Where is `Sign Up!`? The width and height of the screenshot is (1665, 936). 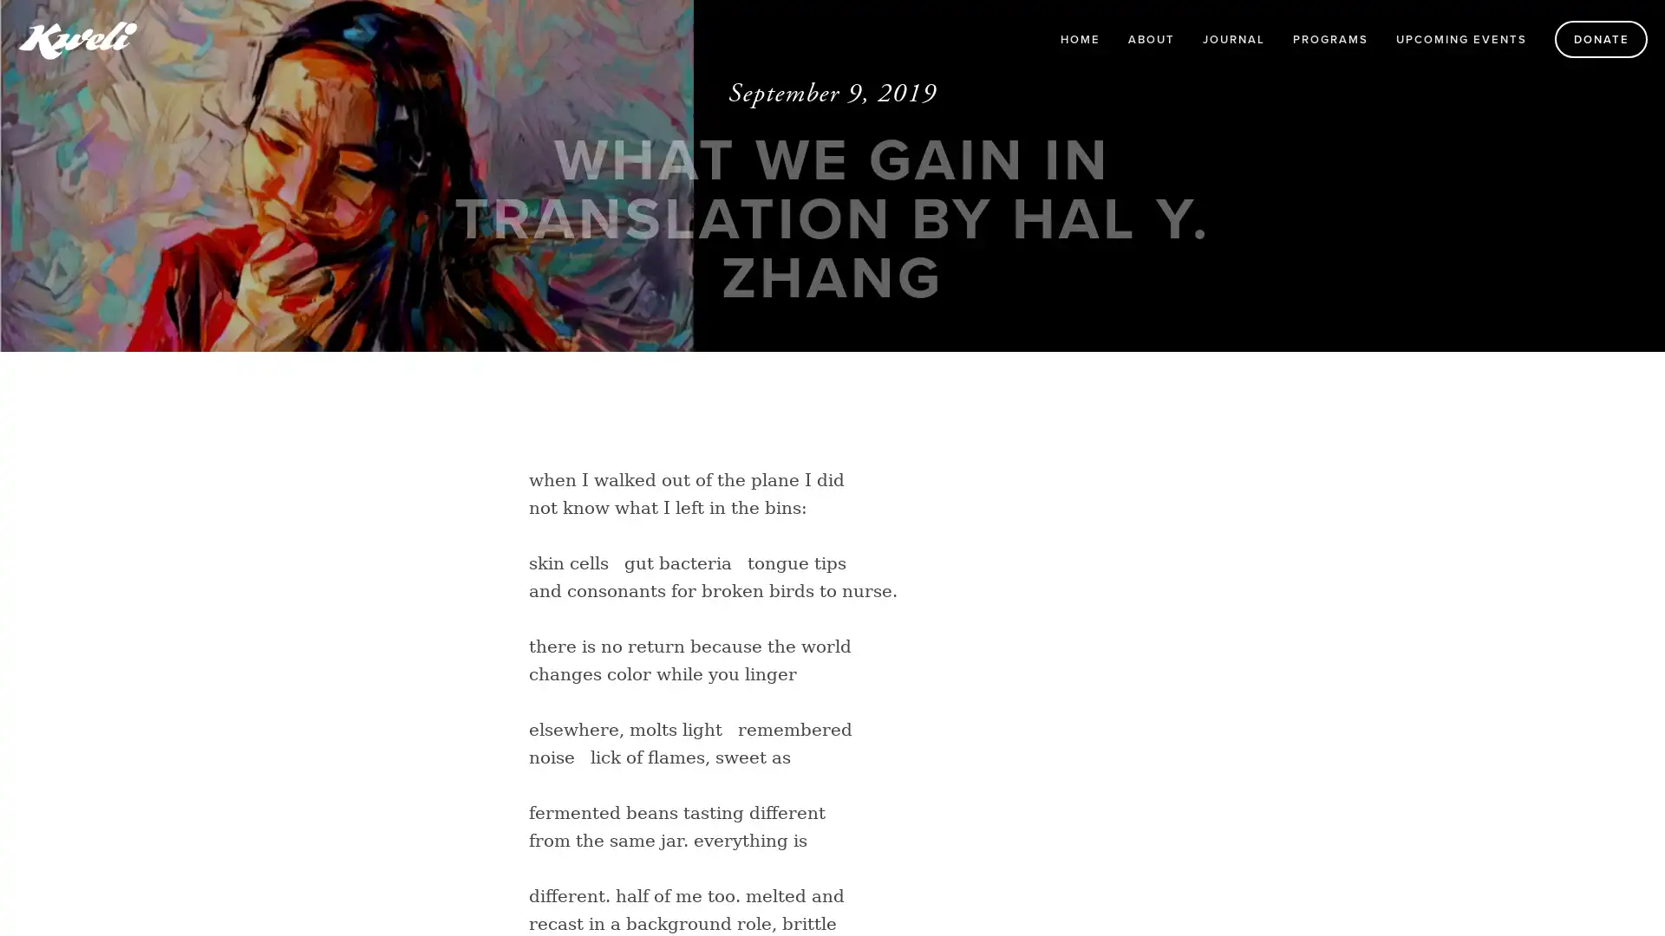 Sign Up! is located at coordinates (832, 735).